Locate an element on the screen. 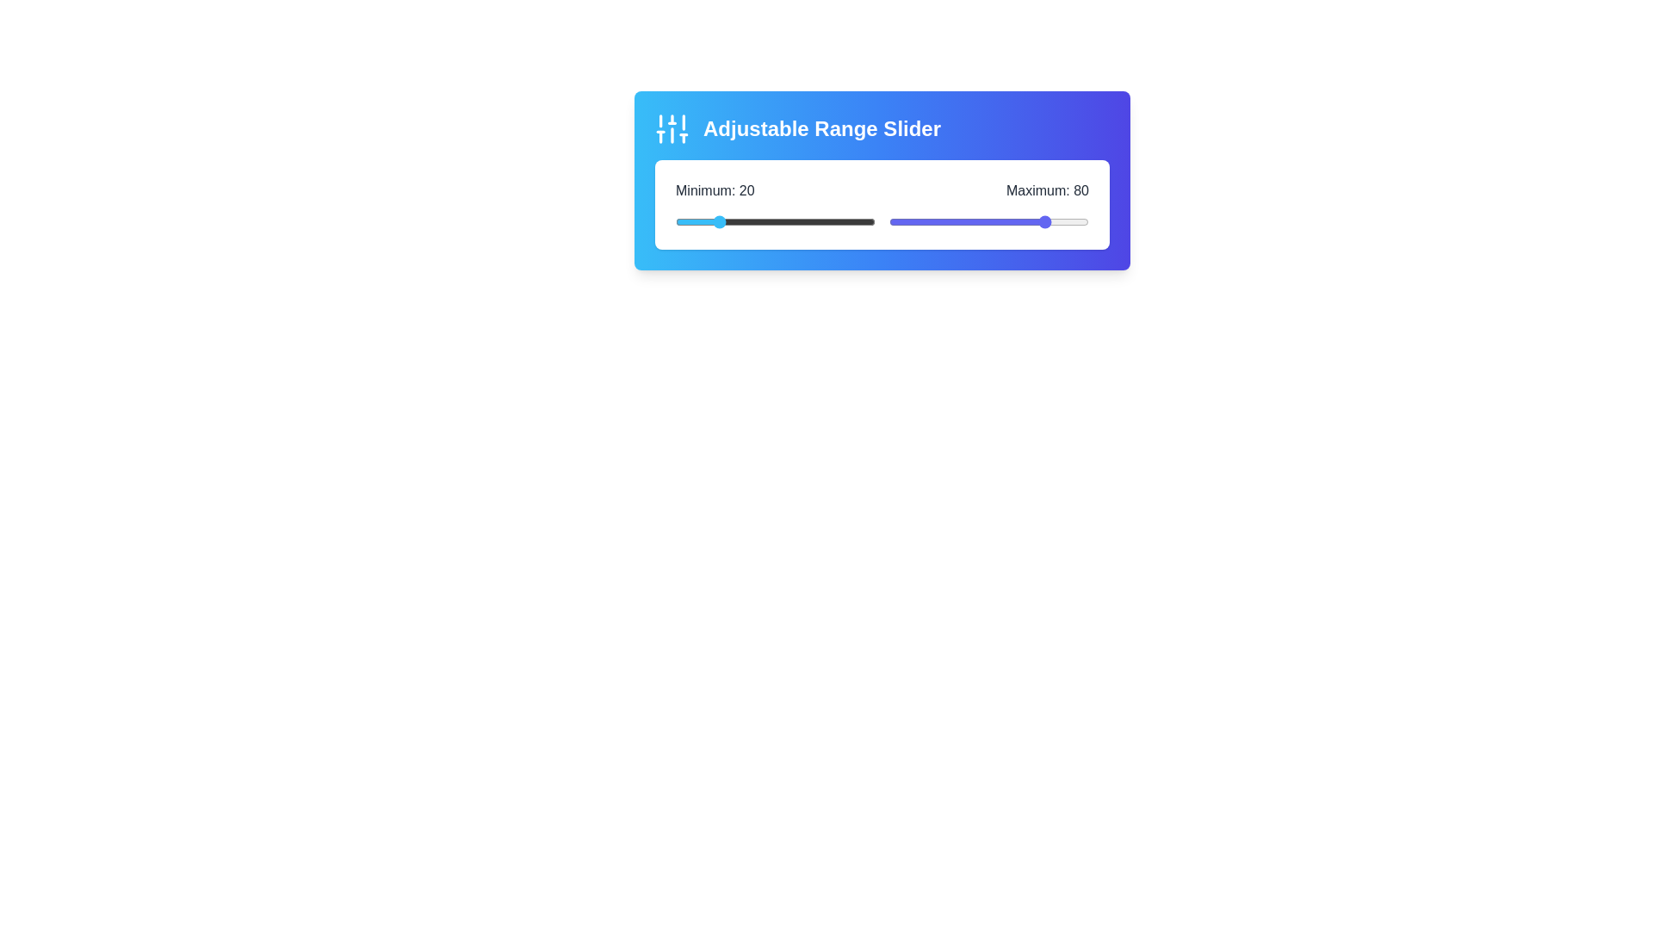  the slider is located at coordinates (985, 221).